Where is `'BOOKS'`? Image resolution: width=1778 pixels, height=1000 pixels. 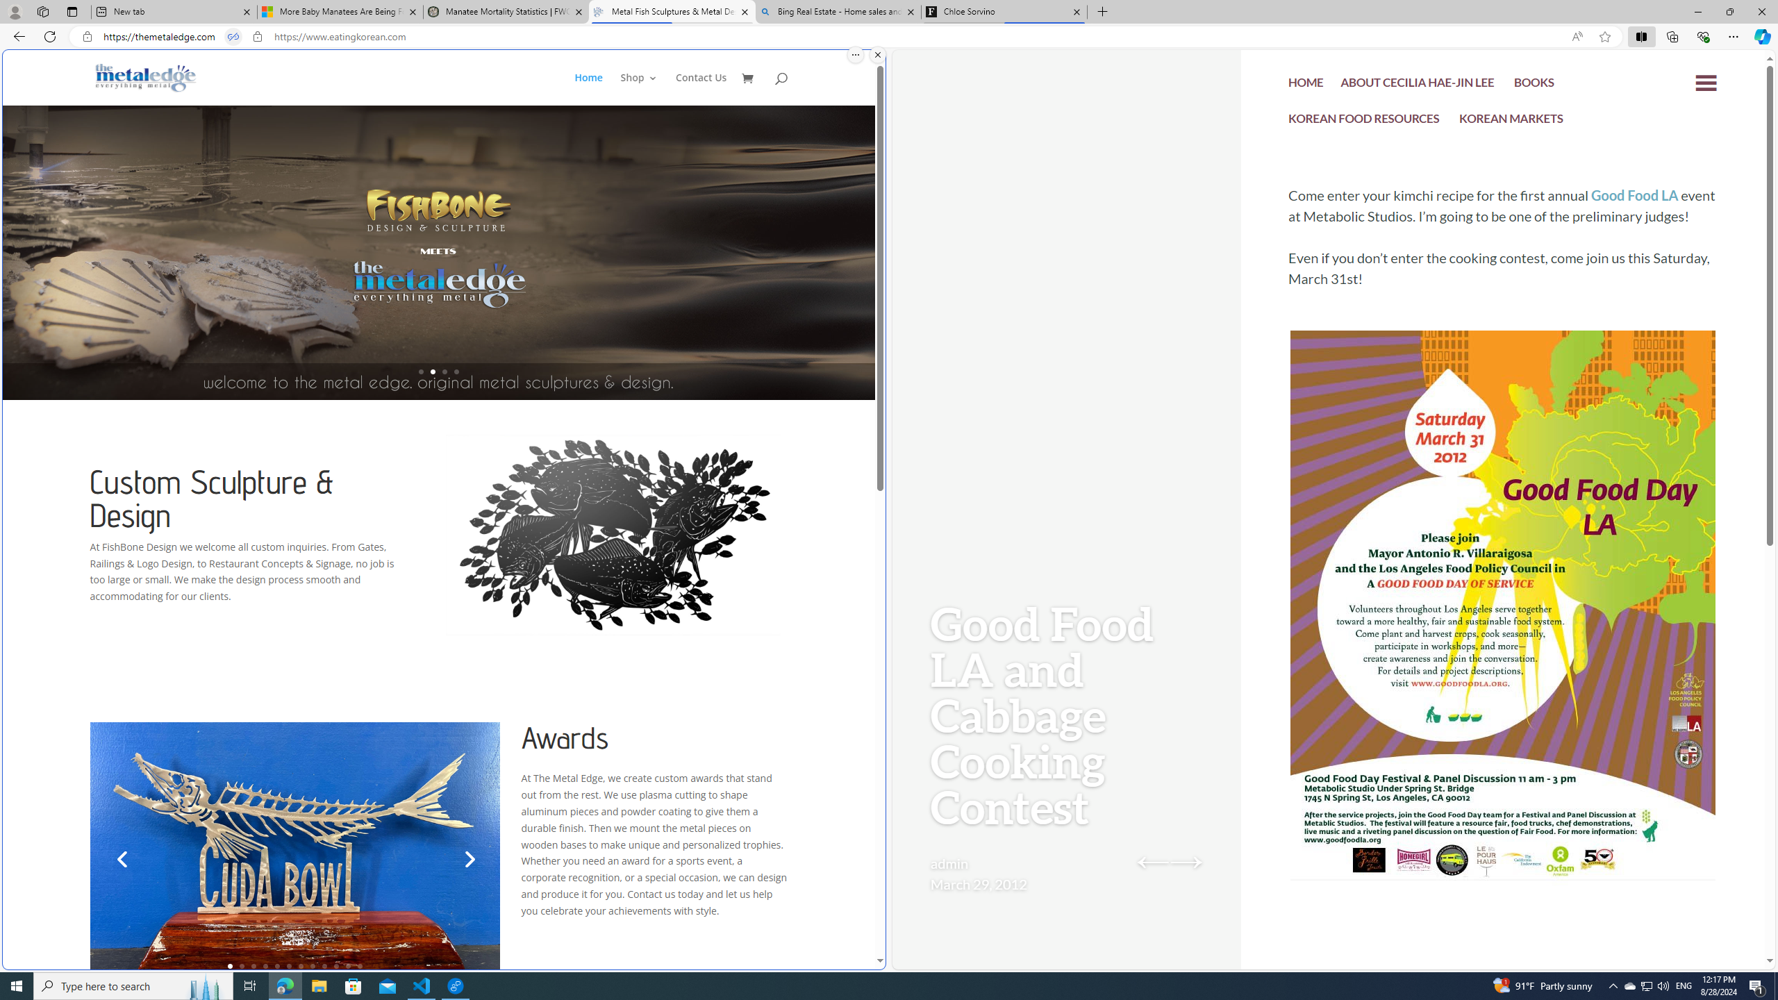
'BOOKS' is located at coordinates (1534, 85).